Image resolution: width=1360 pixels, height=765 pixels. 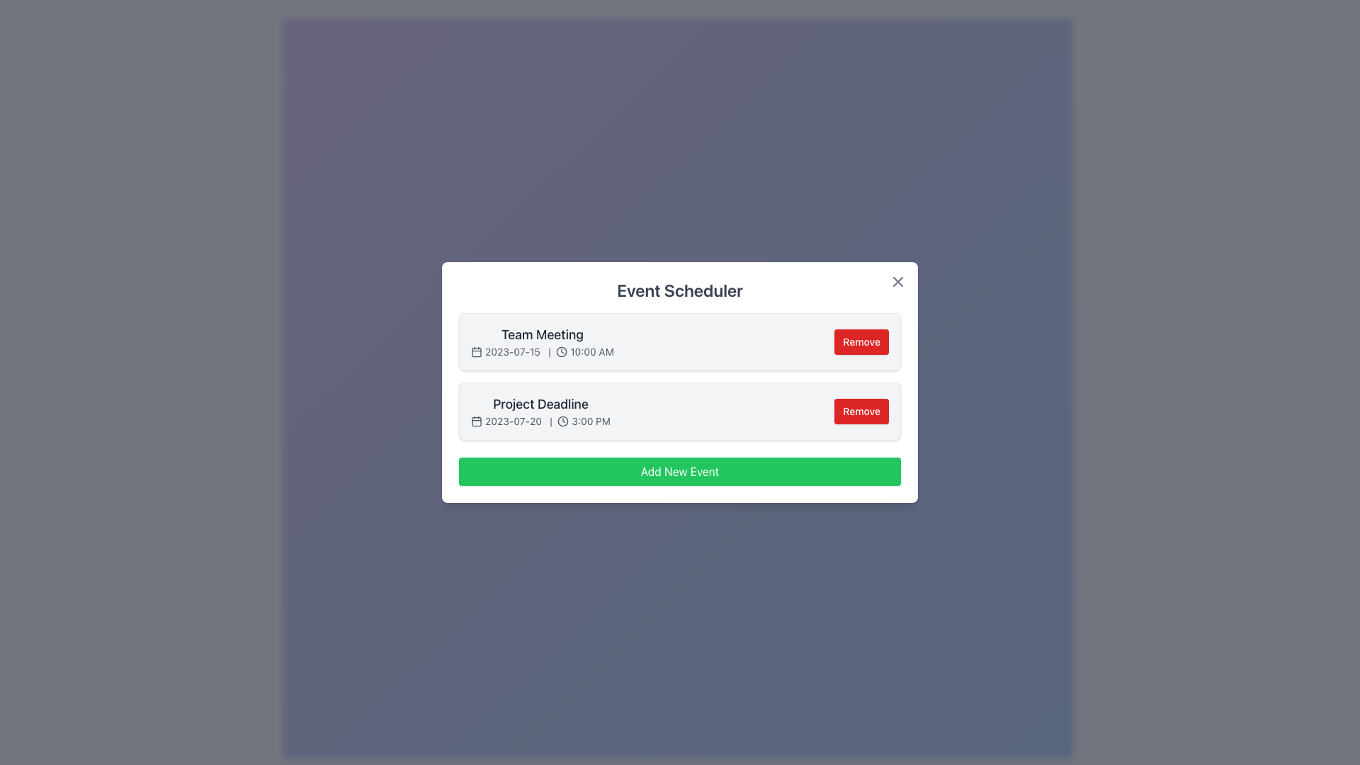 I want to click on the text displaying date and time in the 'Team Meeting' section, which is styled with a small gray font and is positioned between the calendar and clock icons, so click(x=541, y=351).